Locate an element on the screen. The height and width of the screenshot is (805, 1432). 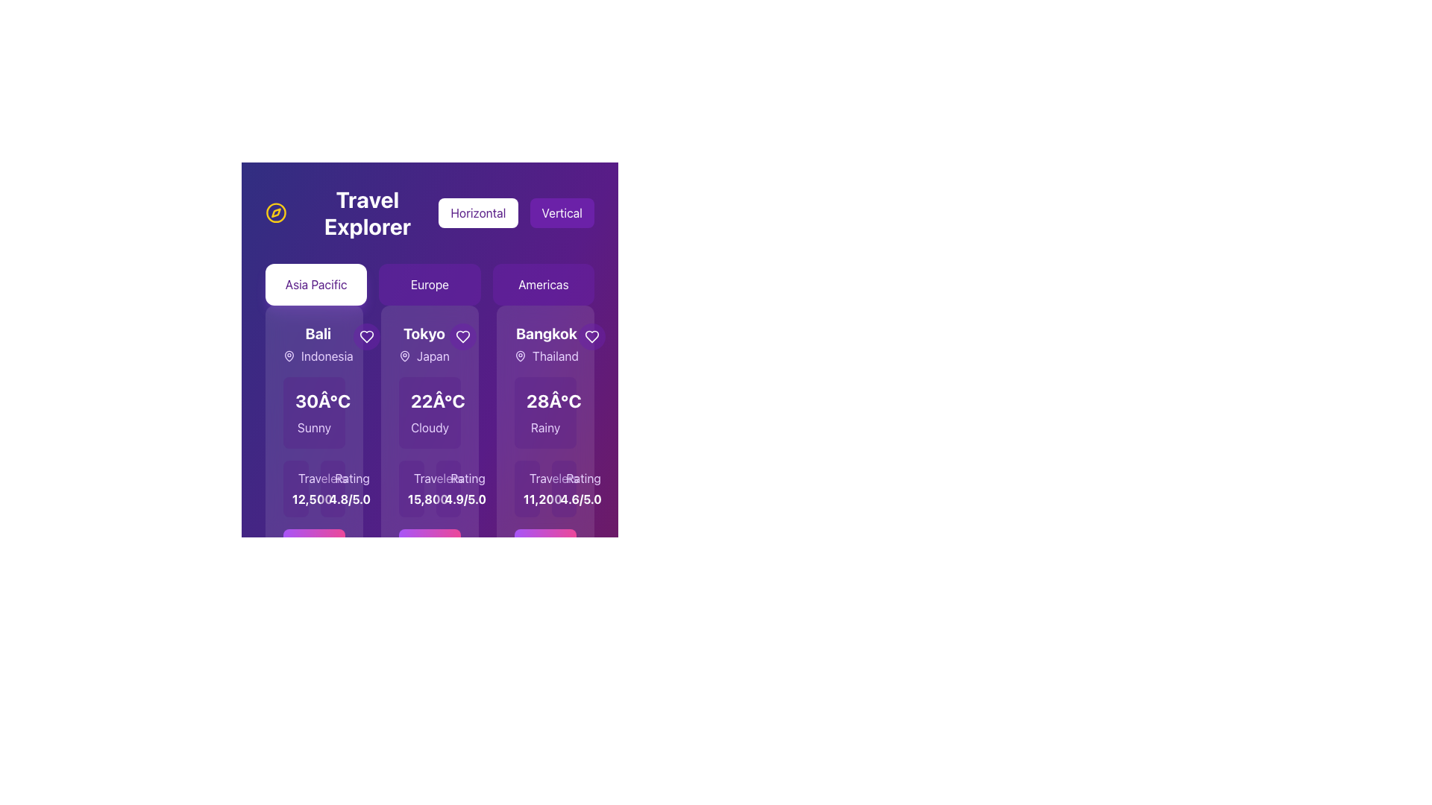
the text label displaying the current temperature for Bangkok, Thailand, which is located in the middle section of the weather card above the descriptor 'Rainy' and below the 'Bangkok' title is located at coordinates (553, 400).